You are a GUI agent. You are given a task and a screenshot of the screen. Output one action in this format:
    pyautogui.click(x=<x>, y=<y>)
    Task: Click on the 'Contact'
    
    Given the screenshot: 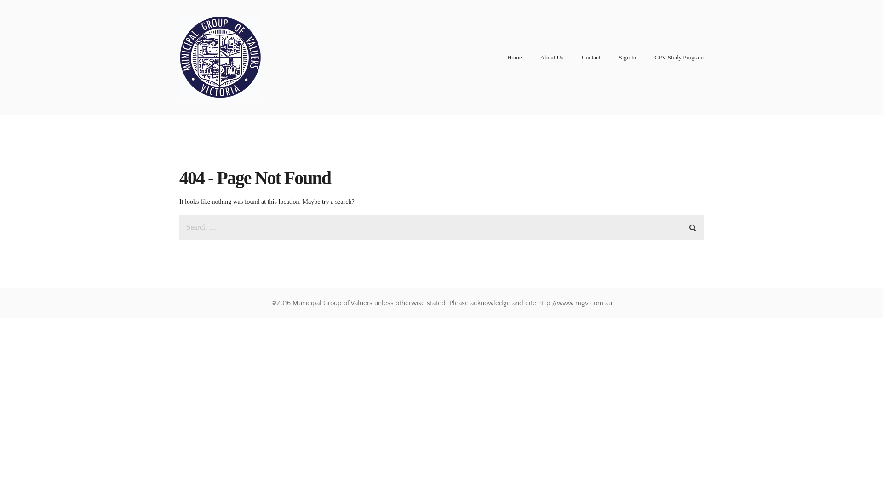 What is the action you would take?
    pyautogui.click(x=581, y=57)
    